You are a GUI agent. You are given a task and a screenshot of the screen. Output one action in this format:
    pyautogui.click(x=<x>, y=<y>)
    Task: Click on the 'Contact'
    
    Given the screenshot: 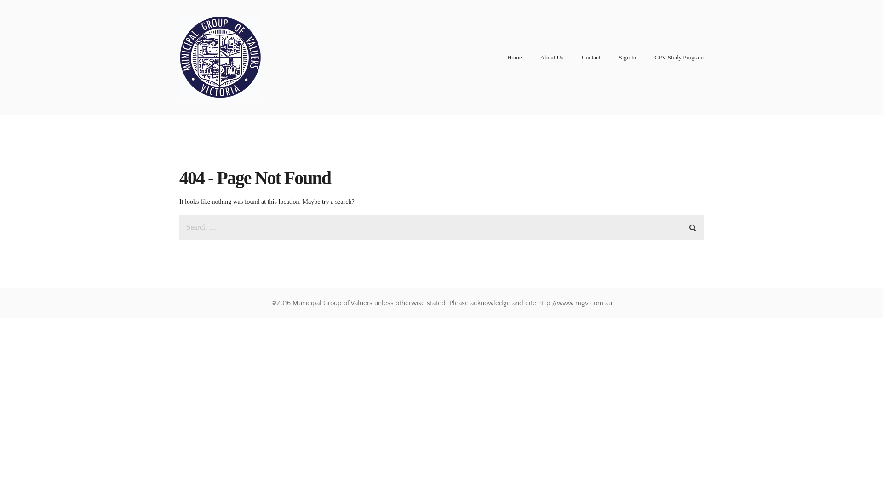 What is the action you would take?
    pyautogui.click(x=581, y=57)
    